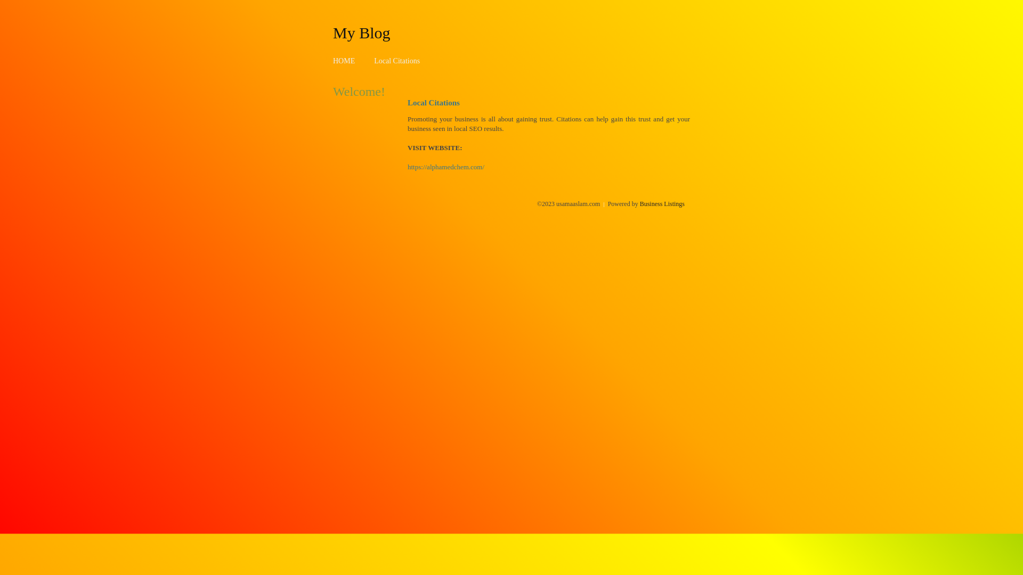  What do you see at coordinates (332, 32) in the screenshot?
I see `'My Blog'` at bounding box center [332, 32].